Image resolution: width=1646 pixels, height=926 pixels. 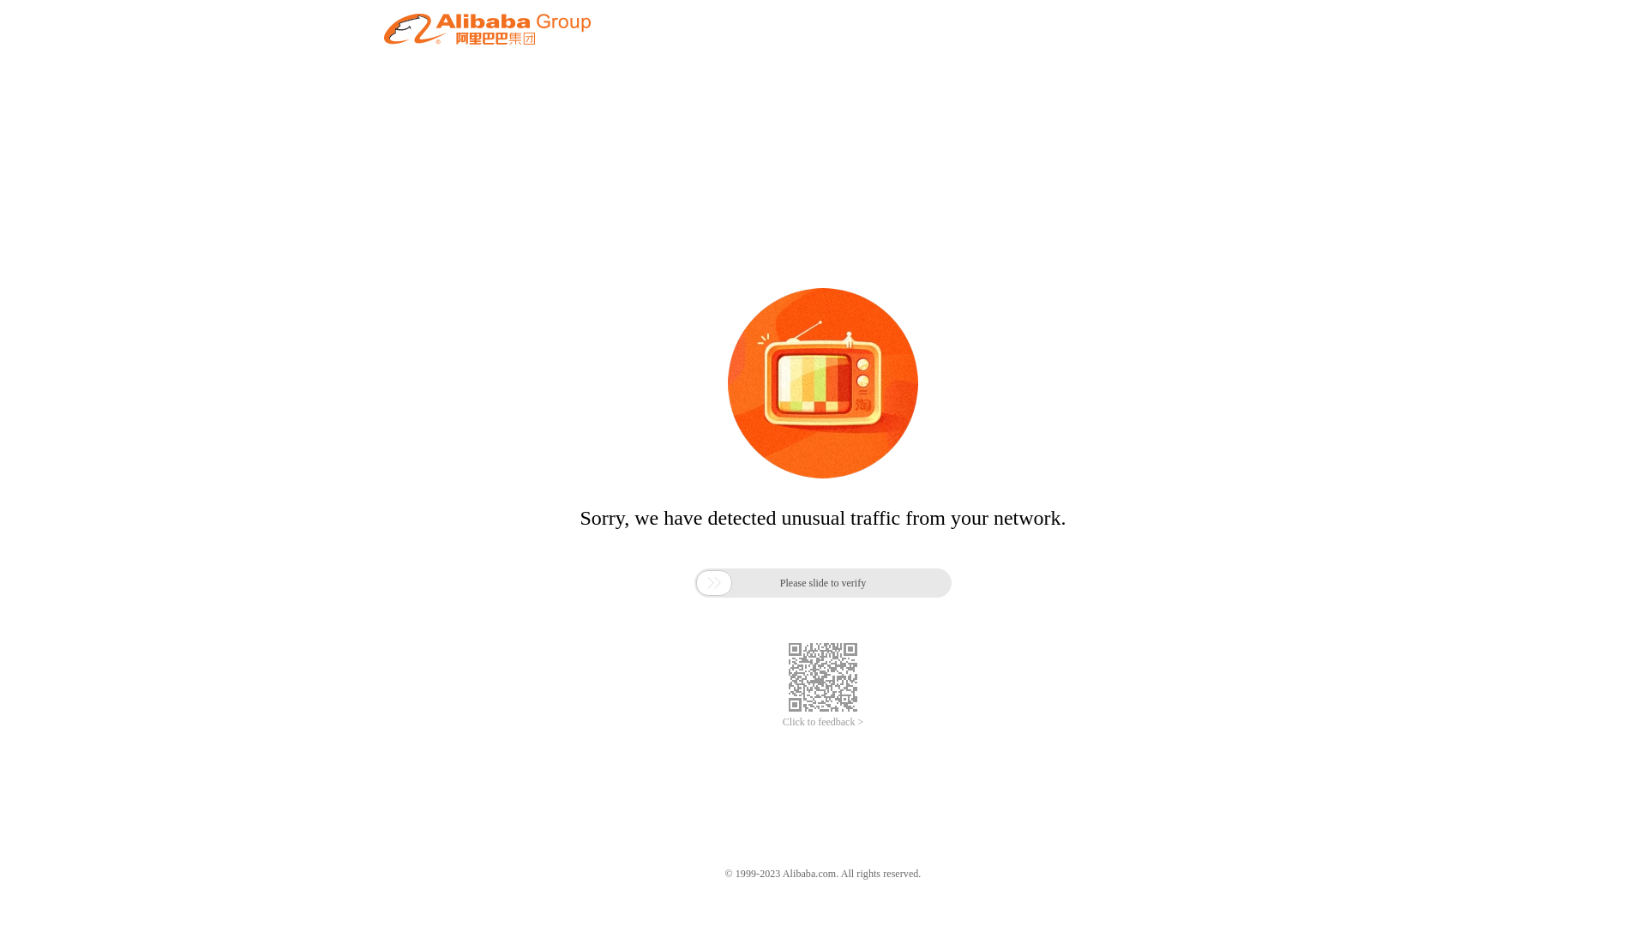 I want to click on 'Click to feedback >', so click(x=781, y=722).